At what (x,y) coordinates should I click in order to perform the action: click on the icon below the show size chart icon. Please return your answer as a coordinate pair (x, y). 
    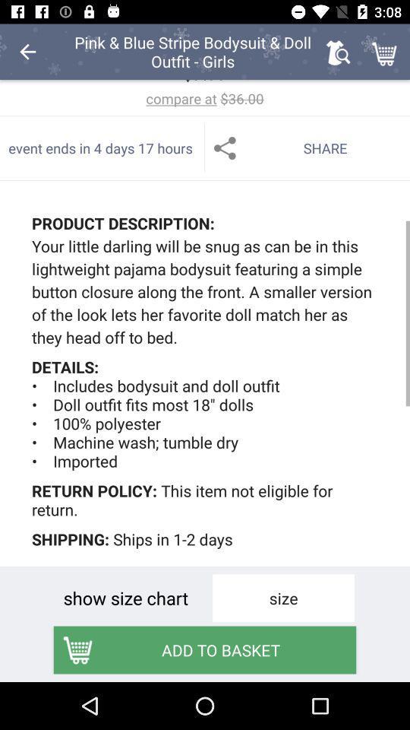
    Looking at the image, I should click on (205, 649).